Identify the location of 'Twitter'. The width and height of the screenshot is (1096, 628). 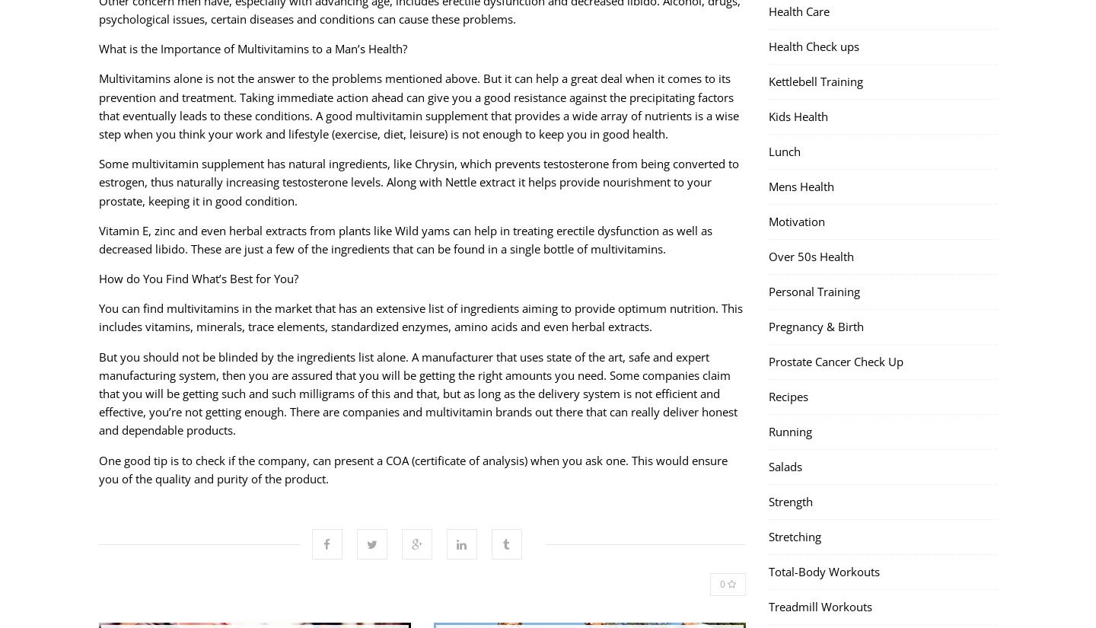
(371, 506).